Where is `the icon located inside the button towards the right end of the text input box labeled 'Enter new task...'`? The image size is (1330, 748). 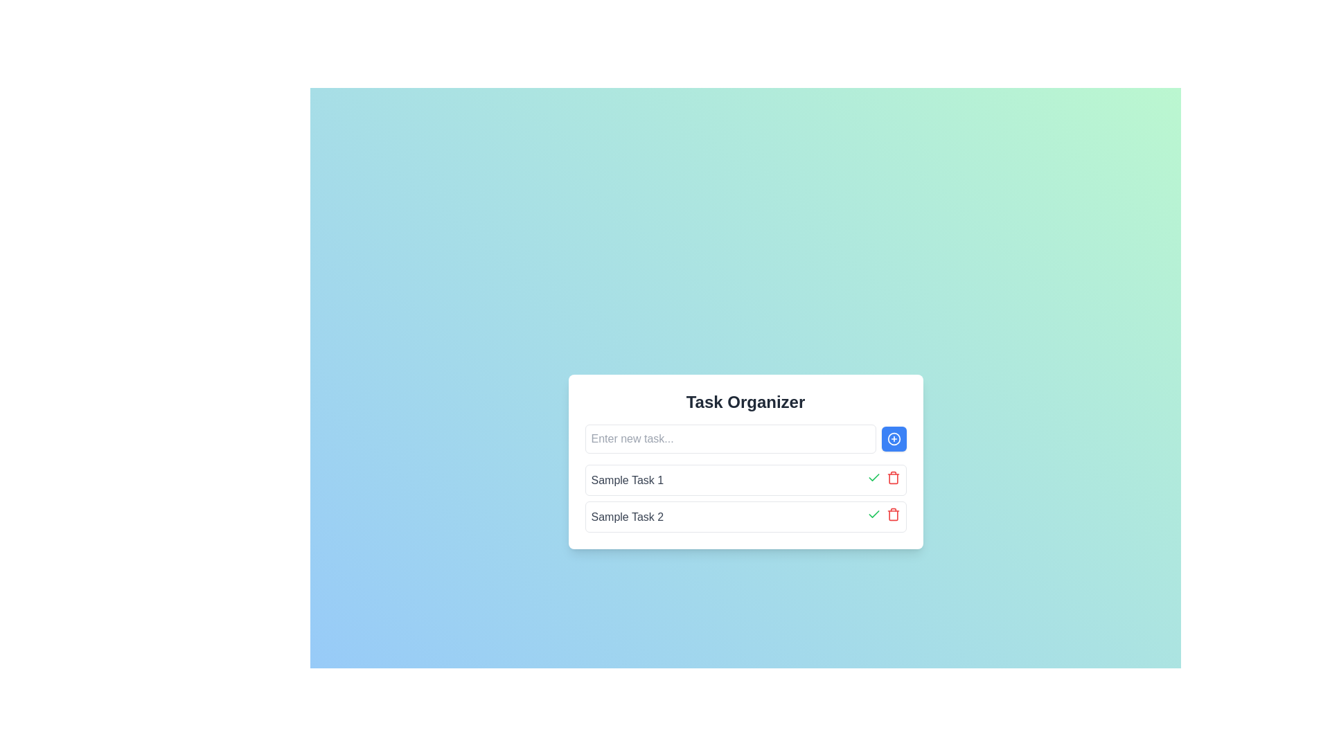
the icon located inside the button towards the right end of the text input box labeled 'Enter new task...' is located at coordinates (894, 438).